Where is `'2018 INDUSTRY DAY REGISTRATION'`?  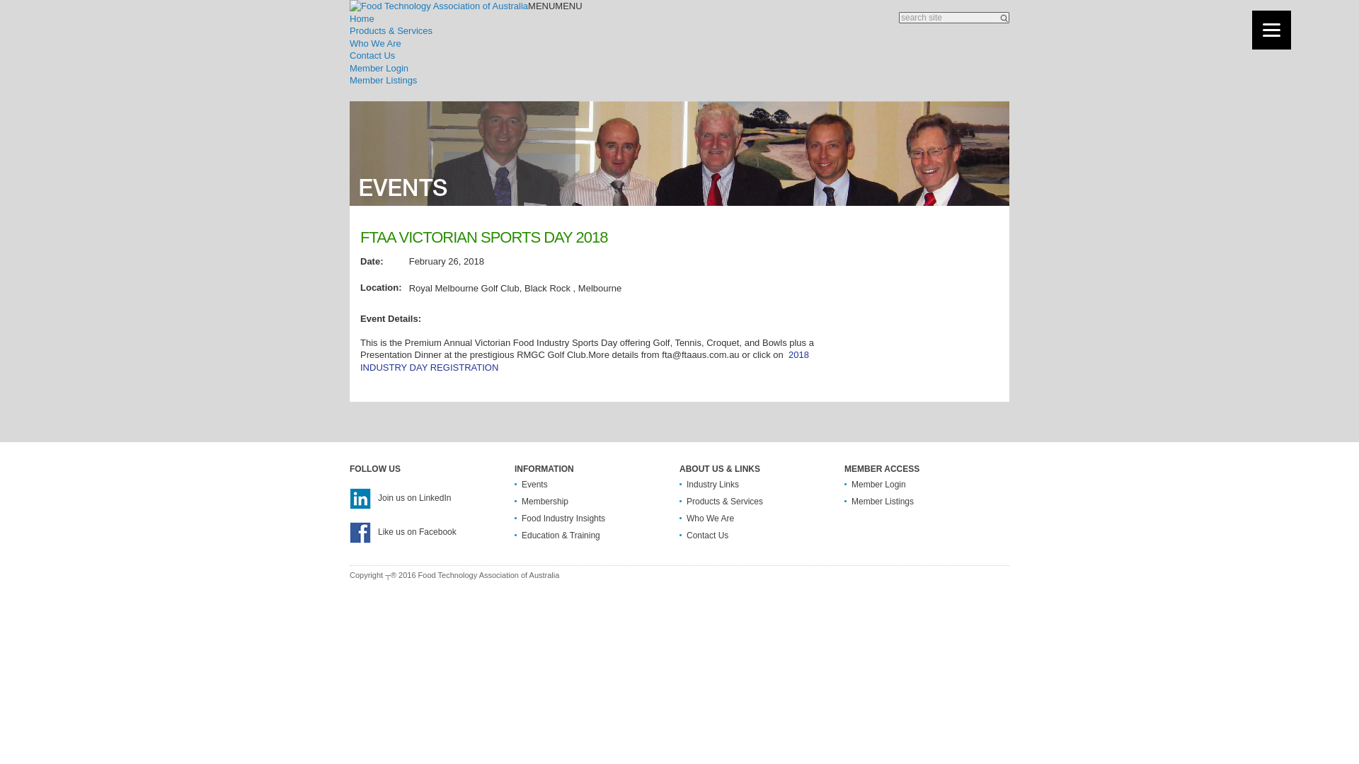 '2018 INDUSTRY DAY REGISTRATION' is located at coordinates (584, 360).